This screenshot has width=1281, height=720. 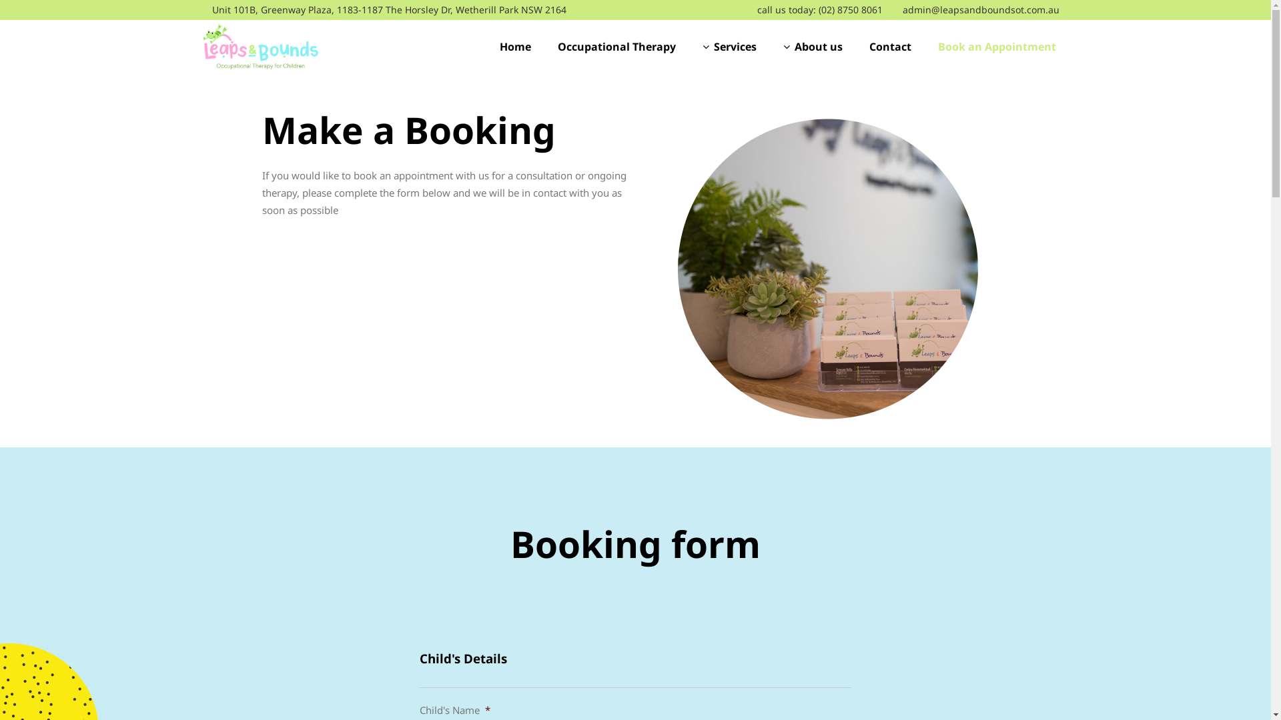 What do you see at coordinates (728, 45) in the screenshot?
I see `'Services'` at bounding box center [728, 45].